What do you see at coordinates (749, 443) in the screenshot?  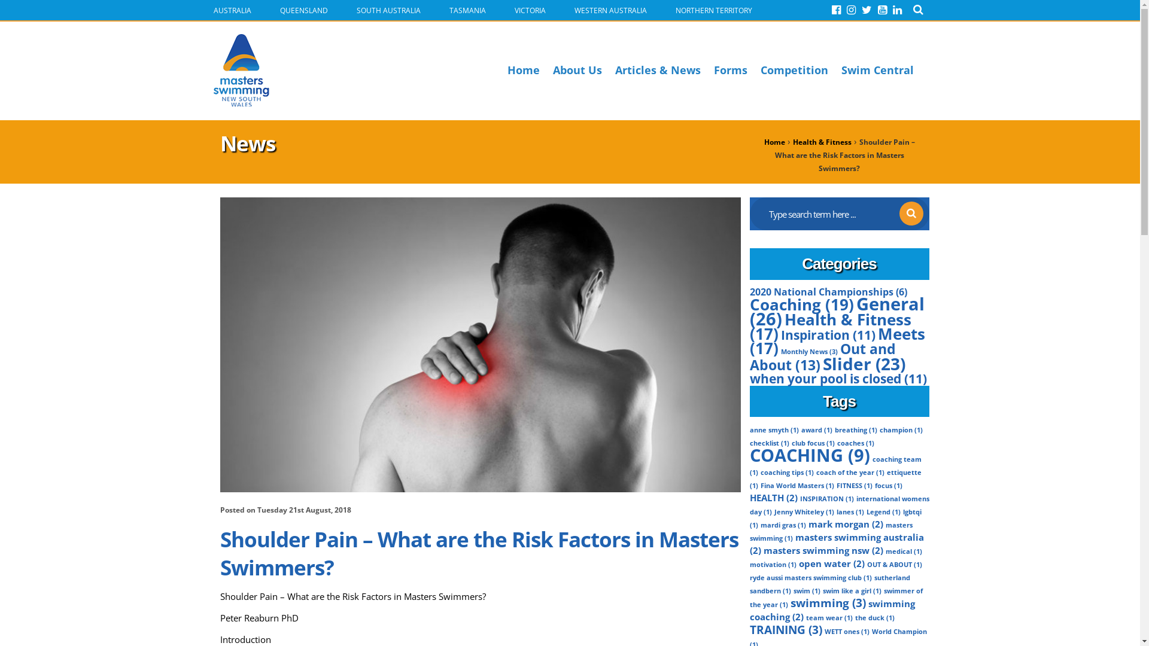 I see `'checklist (1)'` at bounding box center [749, 443].